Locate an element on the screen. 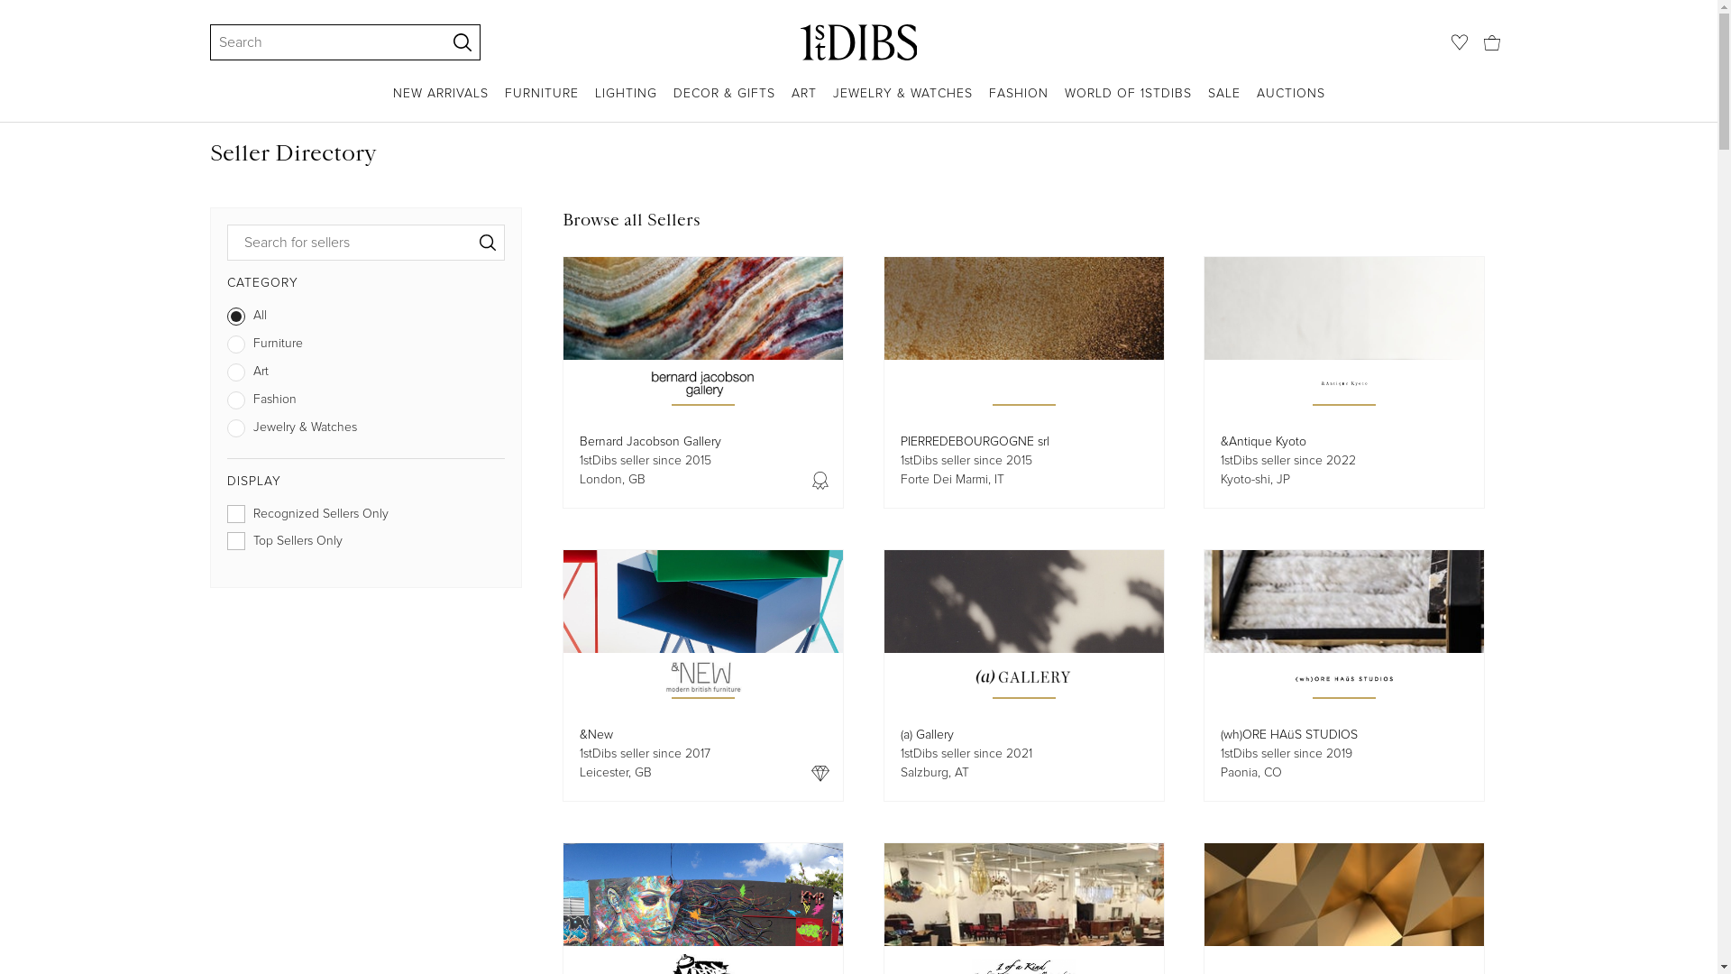 The width and height of the screenshot is (1731, 974). 'FURNITURE' is located at coordinates (540, 103).